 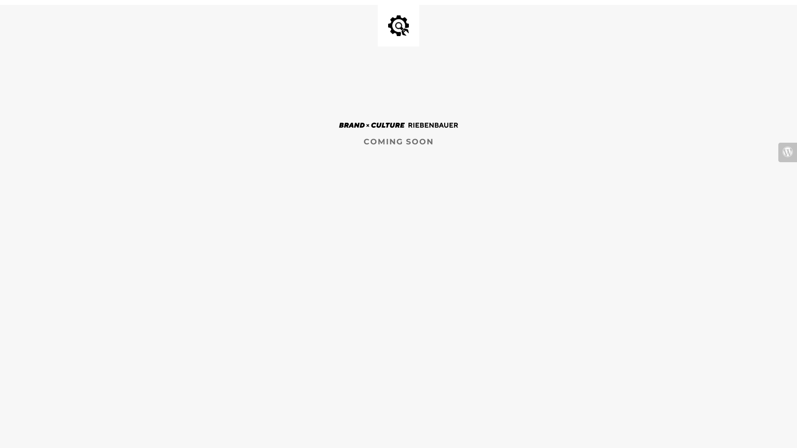 I want to click on 'Site is Under Construction', so click(x=398, y=25).